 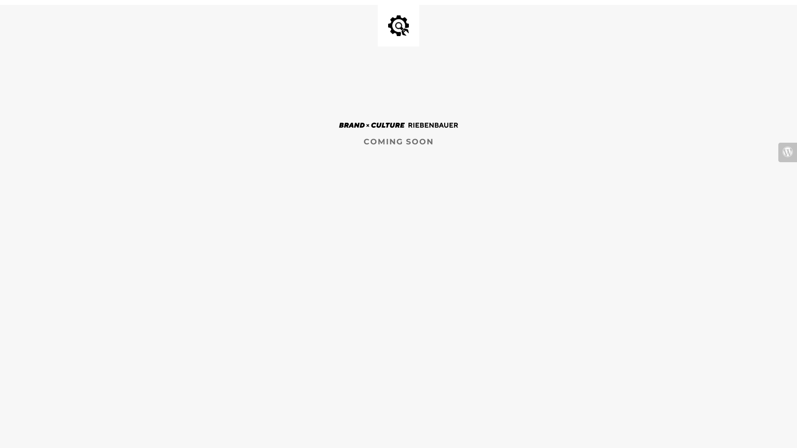 I want to click on 'Site is Under Construction', so click(x=398, y=25).